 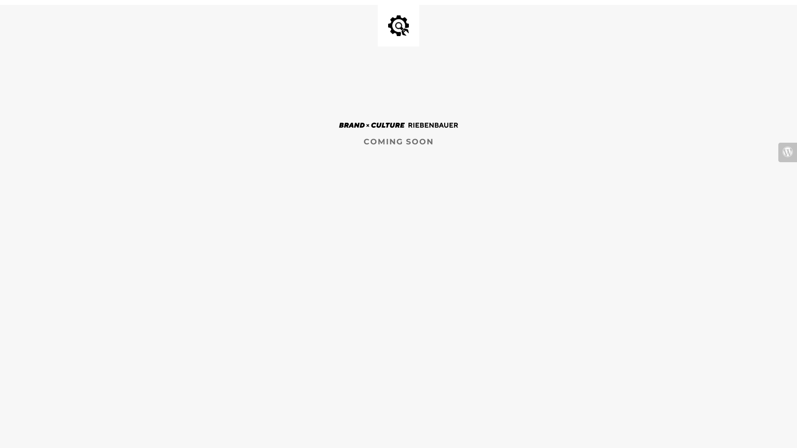 I want to click on 'Site is Under Construction', so click(x=398, y=25).